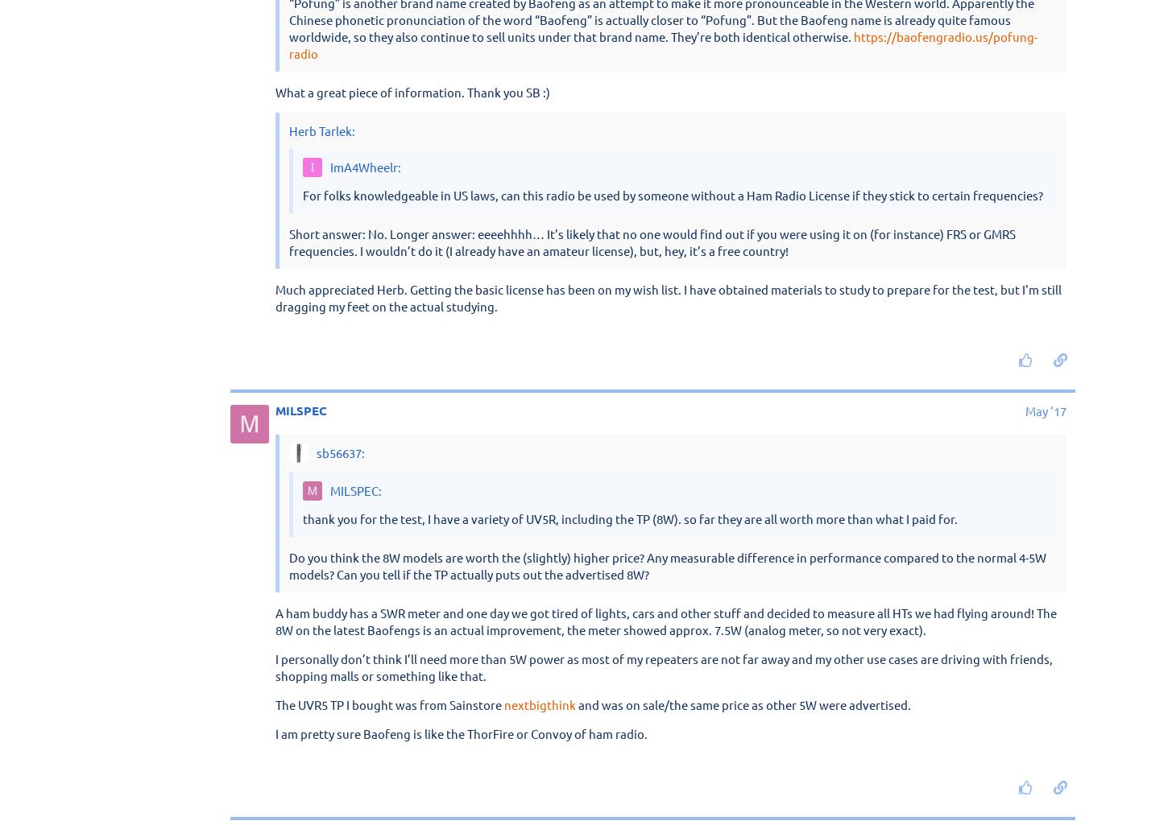 The height and width of the screenshot is (825, 1168). Describe the element at coordinates (321, 595) in the screenshot. I see `'Herb Tarlek:'` at that location.